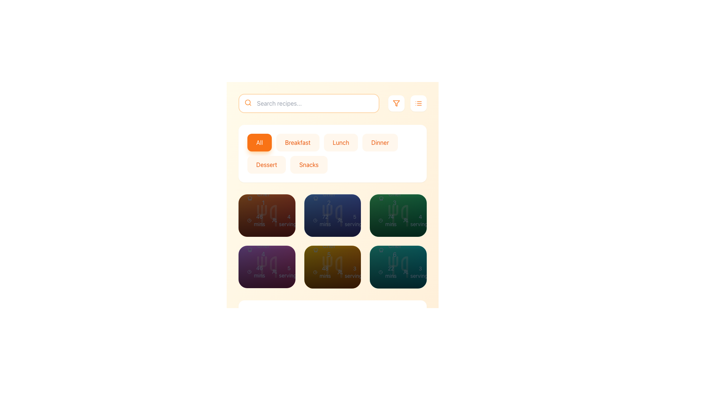 The height and width of the screenshot is (399, 710). I want to click on the decorative vector graphic resembling a utensil design located within the purple gradient card in the middle-left cell of the recipe cards grid, so click(262, 261).